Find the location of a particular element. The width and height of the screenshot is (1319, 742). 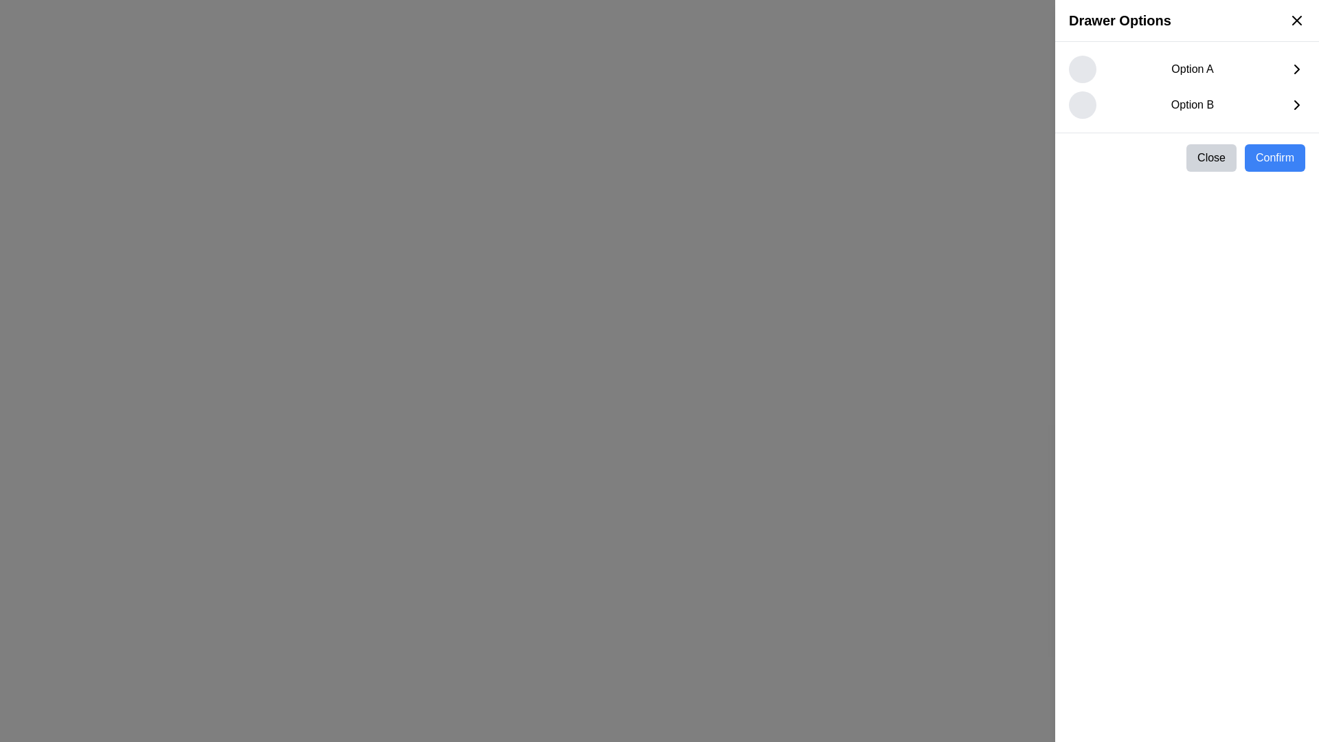

the selectable text label for 'Option A', which is positioned between a circular icon and a right-facing arrow icon in the right-side drawer interface is located at coordinates (1192, 69).